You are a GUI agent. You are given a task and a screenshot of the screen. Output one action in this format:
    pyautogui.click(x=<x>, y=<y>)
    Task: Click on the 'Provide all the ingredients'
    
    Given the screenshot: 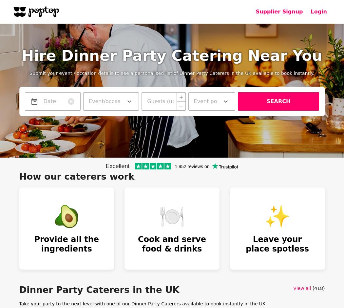 What is the action you would take?
    pyautogui.click(x=34, y=244)
    